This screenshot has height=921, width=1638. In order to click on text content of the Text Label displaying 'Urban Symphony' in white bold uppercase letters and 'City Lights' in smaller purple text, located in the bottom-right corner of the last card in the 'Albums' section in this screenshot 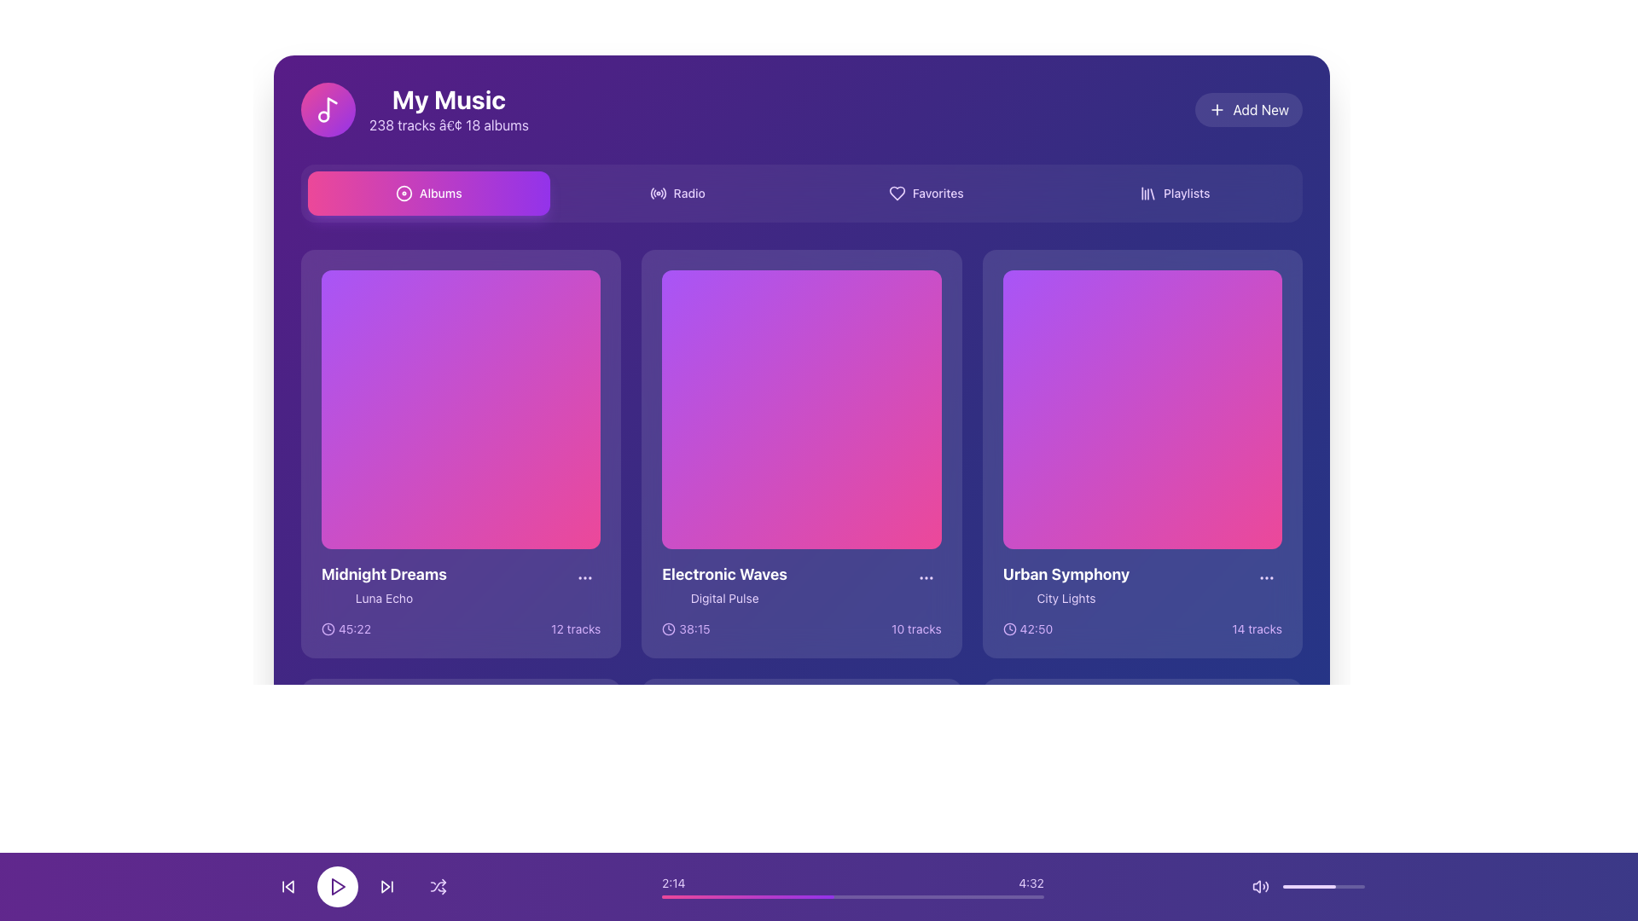, I will do `click(1065, 584)`.